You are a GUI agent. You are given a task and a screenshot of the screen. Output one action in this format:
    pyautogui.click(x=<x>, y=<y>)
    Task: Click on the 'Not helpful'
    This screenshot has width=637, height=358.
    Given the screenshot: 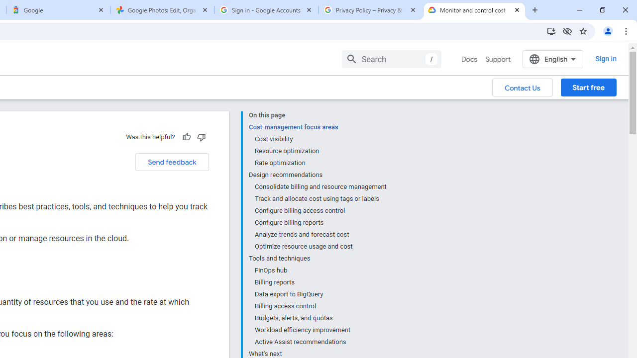 What is the action you would take?
    pyautogui.click(x=201, y=137)
    